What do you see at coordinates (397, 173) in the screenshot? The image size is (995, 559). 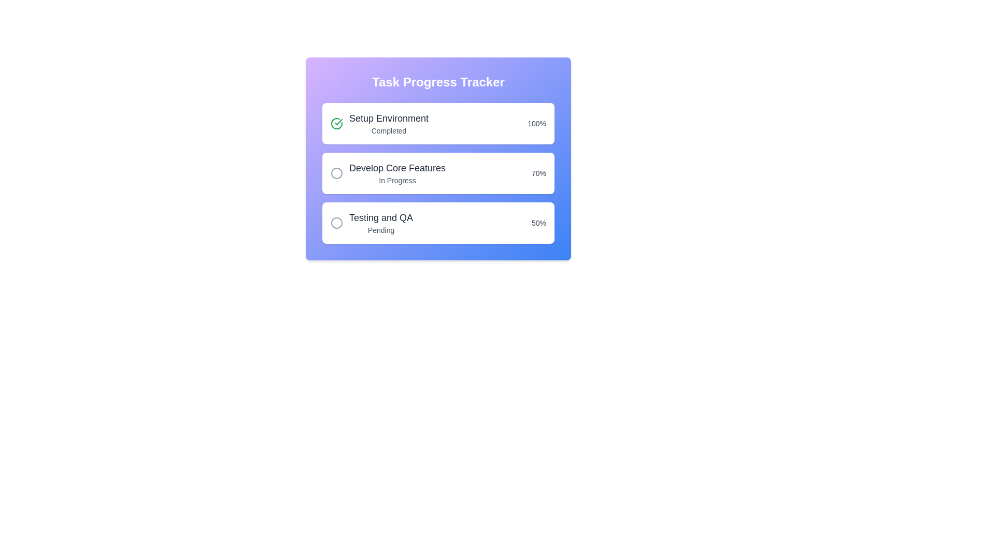 I see `the Text Display element that shows 'Develop Core Features' and 'In Progress' within the progress tracker widget` at bounding box center [397, 173].